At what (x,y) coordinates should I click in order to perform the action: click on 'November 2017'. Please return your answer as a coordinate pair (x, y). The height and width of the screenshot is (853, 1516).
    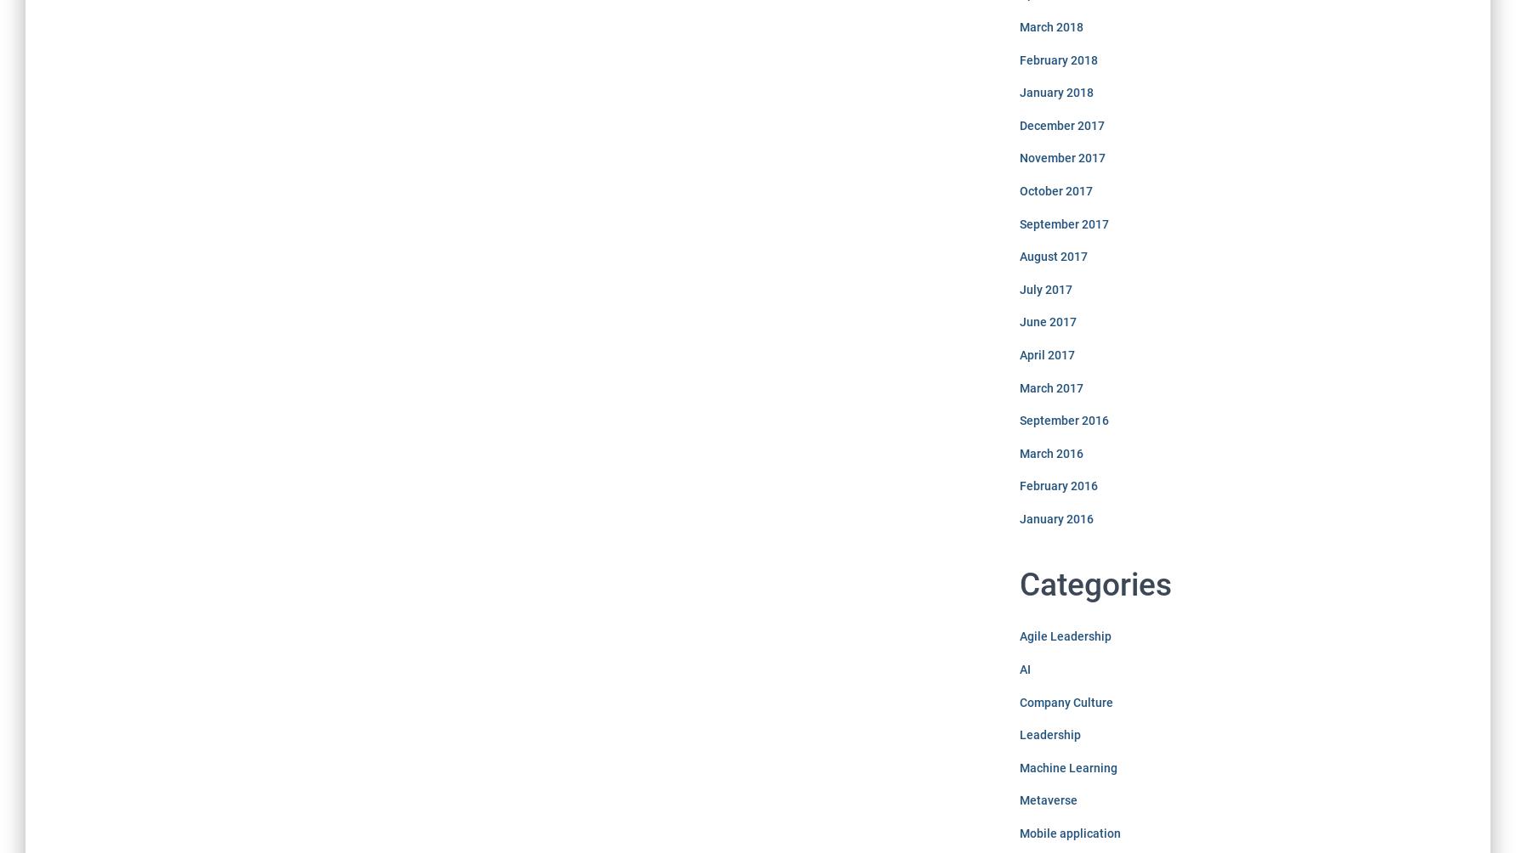
    Looking at the image, I should click on (1061, 157).